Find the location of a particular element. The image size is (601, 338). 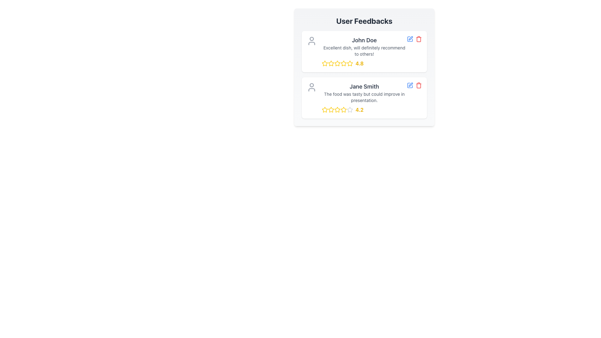

the user silhouette icon styled in gray located at the top-left corner of John Doe's feedback card is located at coordinates (312, 41).